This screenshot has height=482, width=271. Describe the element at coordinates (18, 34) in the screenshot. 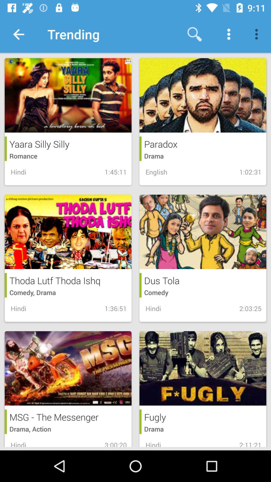

I see `the item next to the trending  icon` at that location.